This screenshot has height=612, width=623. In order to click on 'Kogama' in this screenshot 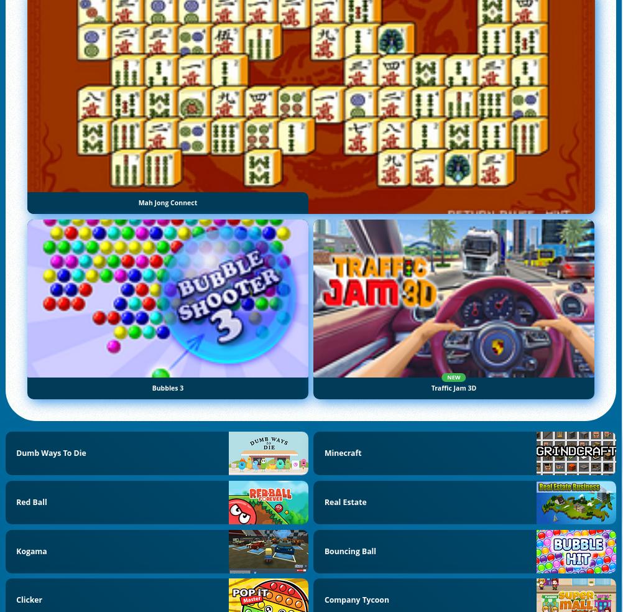, I will do `click(31, 550)`.